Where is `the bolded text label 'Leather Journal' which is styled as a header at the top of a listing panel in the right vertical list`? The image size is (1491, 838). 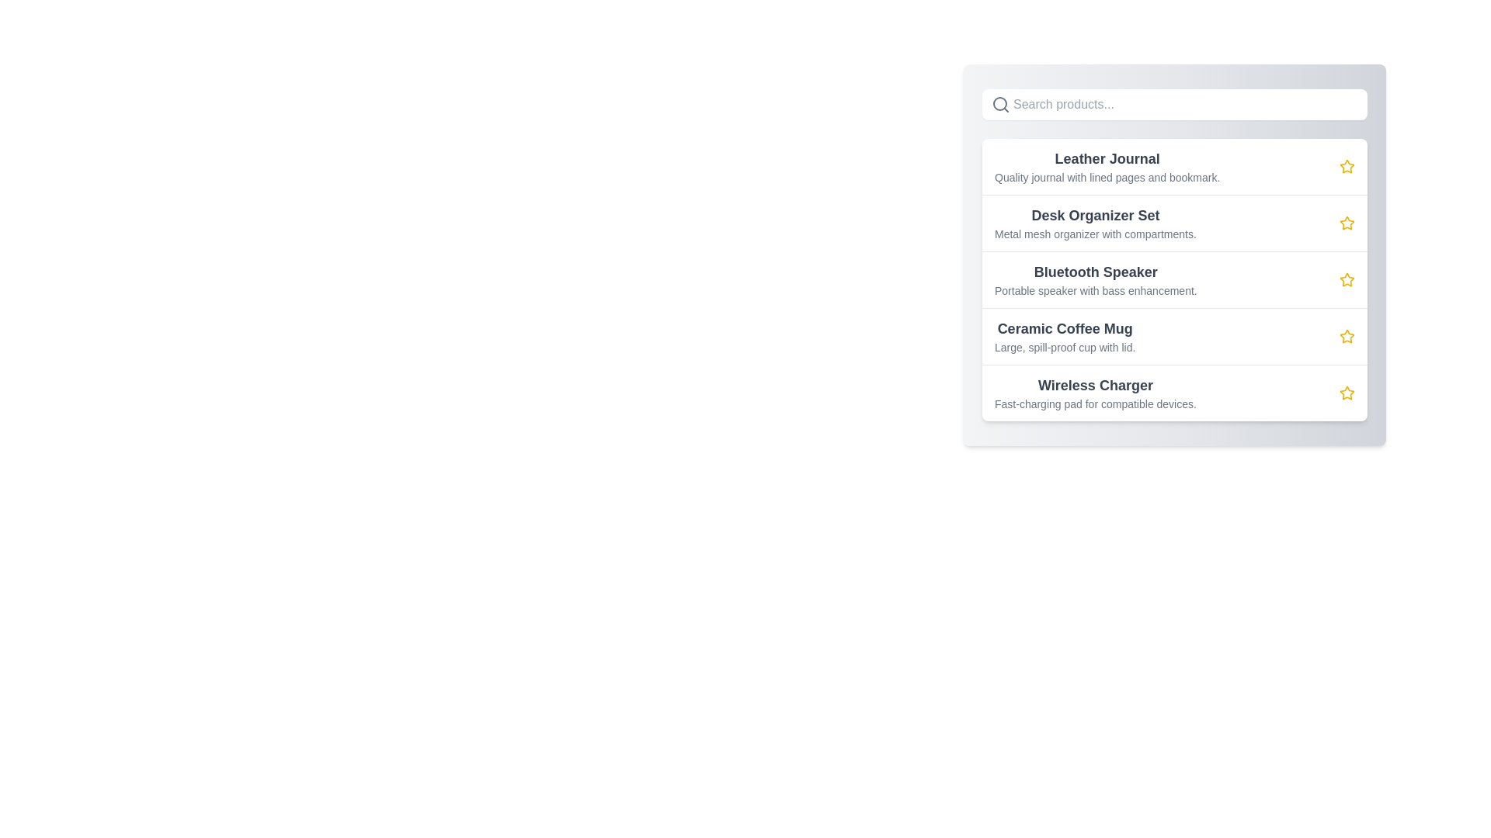
the bolded text label 'Leather Journal' which is styled as a header at the top of a listing panel in the right vertical list is located at coordinates (1107, 158).